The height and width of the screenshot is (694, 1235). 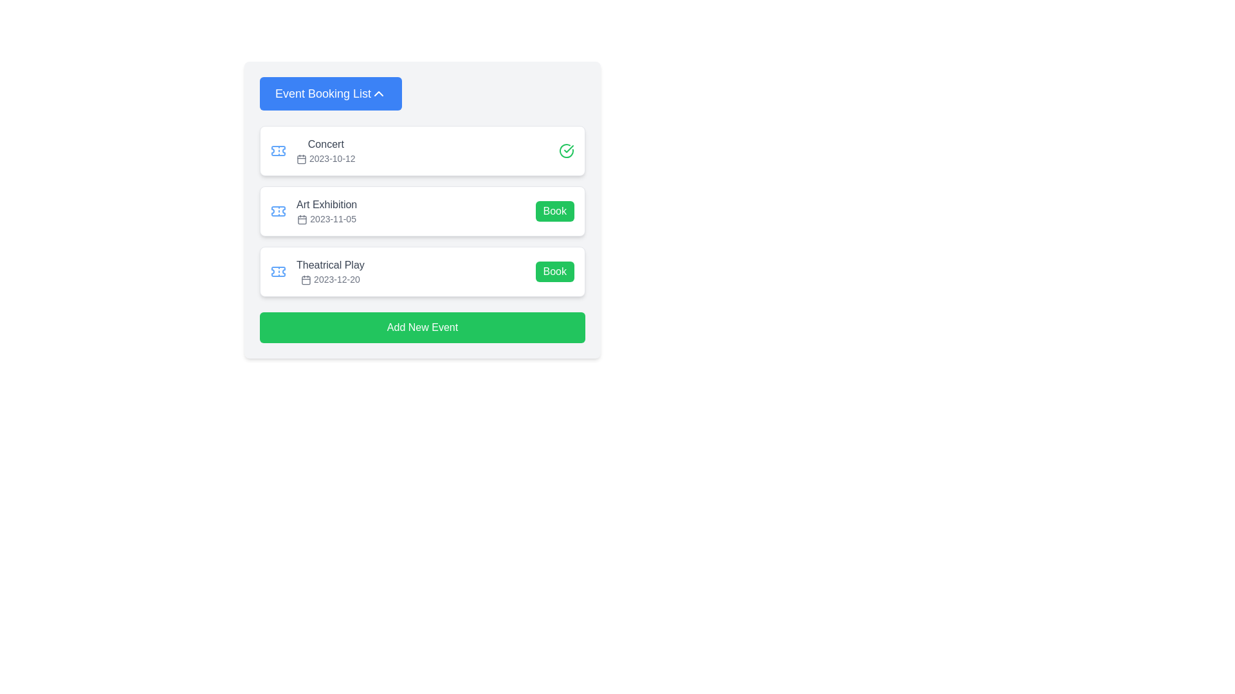 What do you see at coordinates (302, 219) in the screenshot?
I see `the icon that visually indicates the date next to the text '2023-11-05' for the 'Art Exhibition' event` at bounding box center [302, 219].